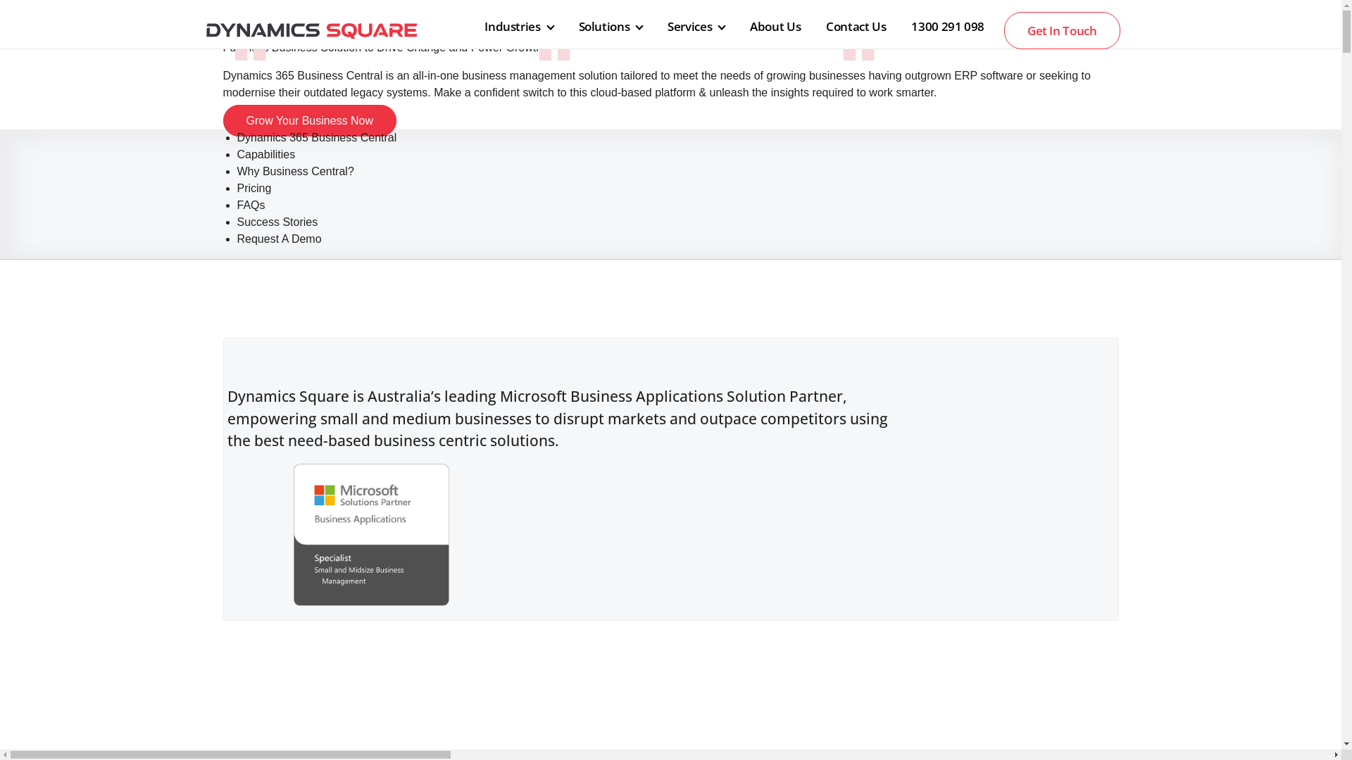  Describe the element at coordinates (294, 170) in the screenshot. I see `'Why Business Central?'` at that location.